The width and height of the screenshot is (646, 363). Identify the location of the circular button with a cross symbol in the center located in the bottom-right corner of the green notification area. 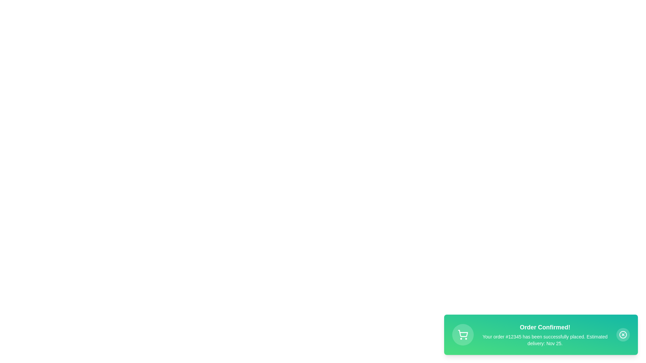
(623, 334).